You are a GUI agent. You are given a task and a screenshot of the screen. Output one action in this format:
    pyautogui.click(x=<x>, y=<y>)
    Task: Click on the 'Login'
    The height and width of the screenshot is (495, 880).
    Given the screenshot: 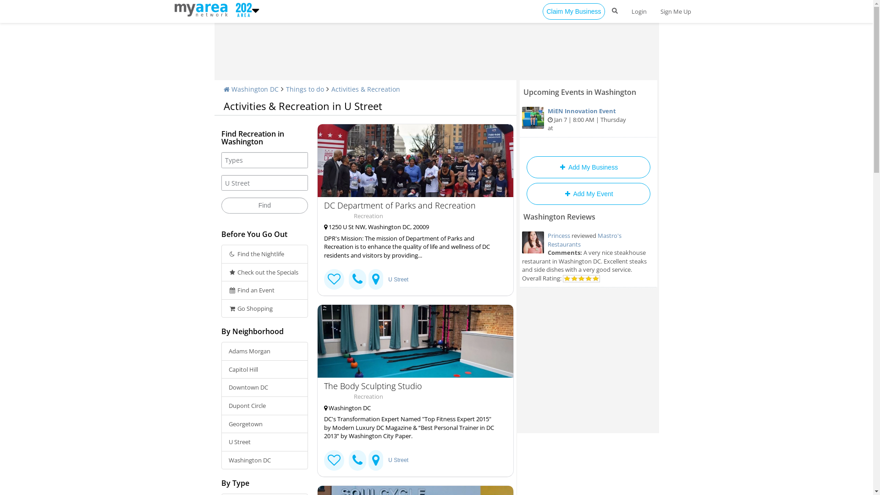 What is the action you would take?
    pyautogui.click(x=638, y=11)
    